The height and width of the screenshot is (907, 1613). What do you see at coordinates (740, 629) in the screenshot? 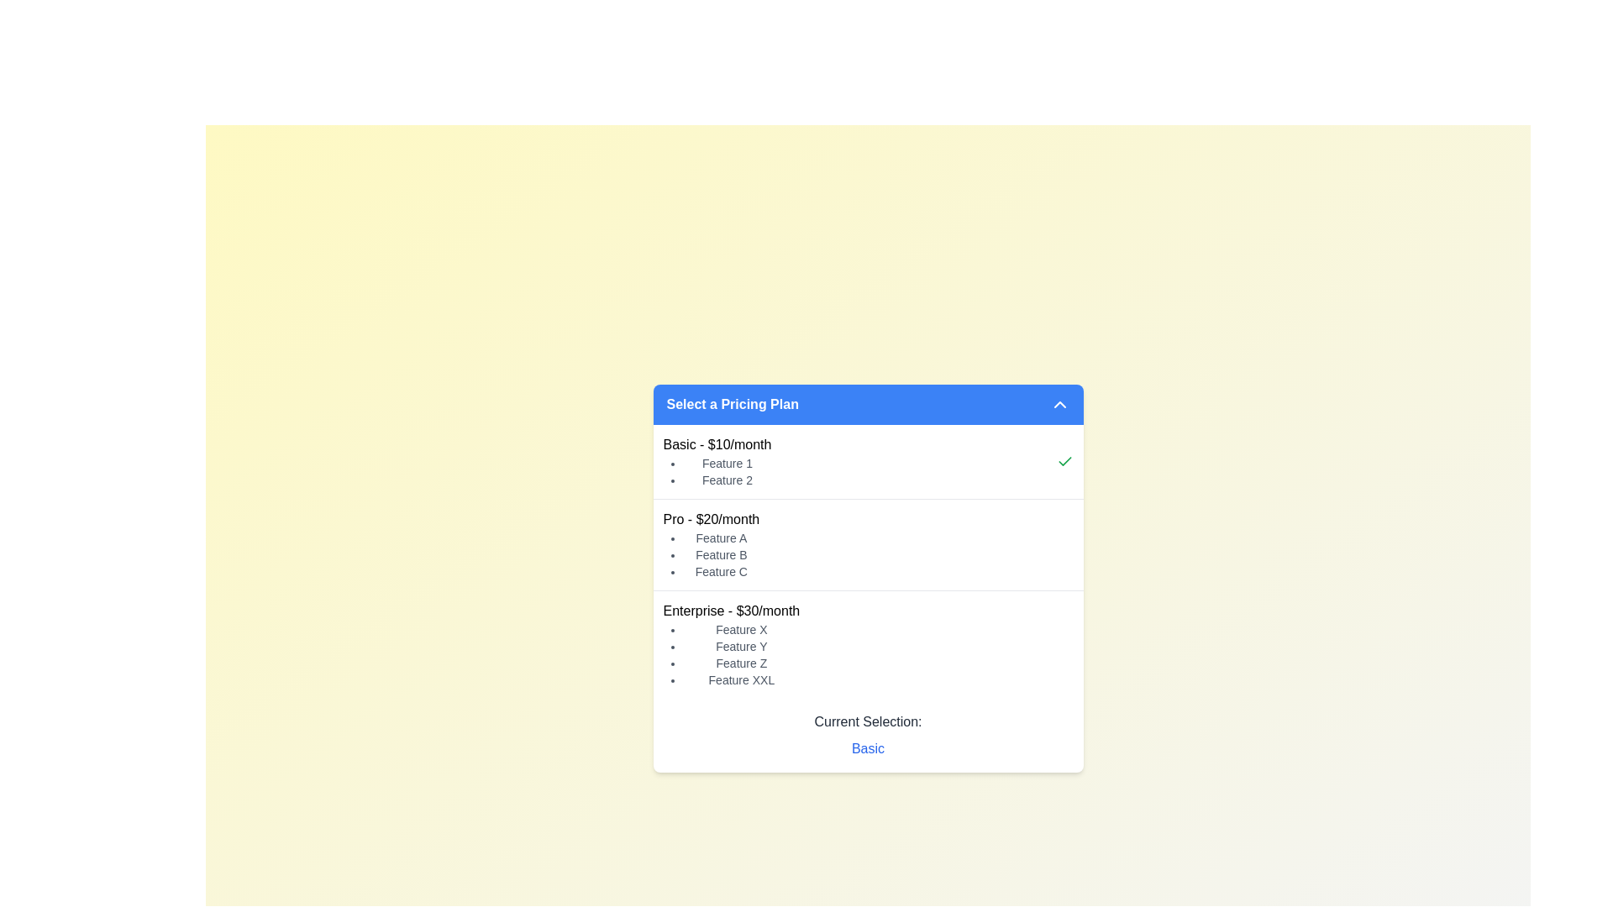
I see `the text item reading 'Feature X' styled with a smaller font size and gray color, which is the first bullet point in the 'Enterprise - $30/month' section` at bounding box center [740, 629].